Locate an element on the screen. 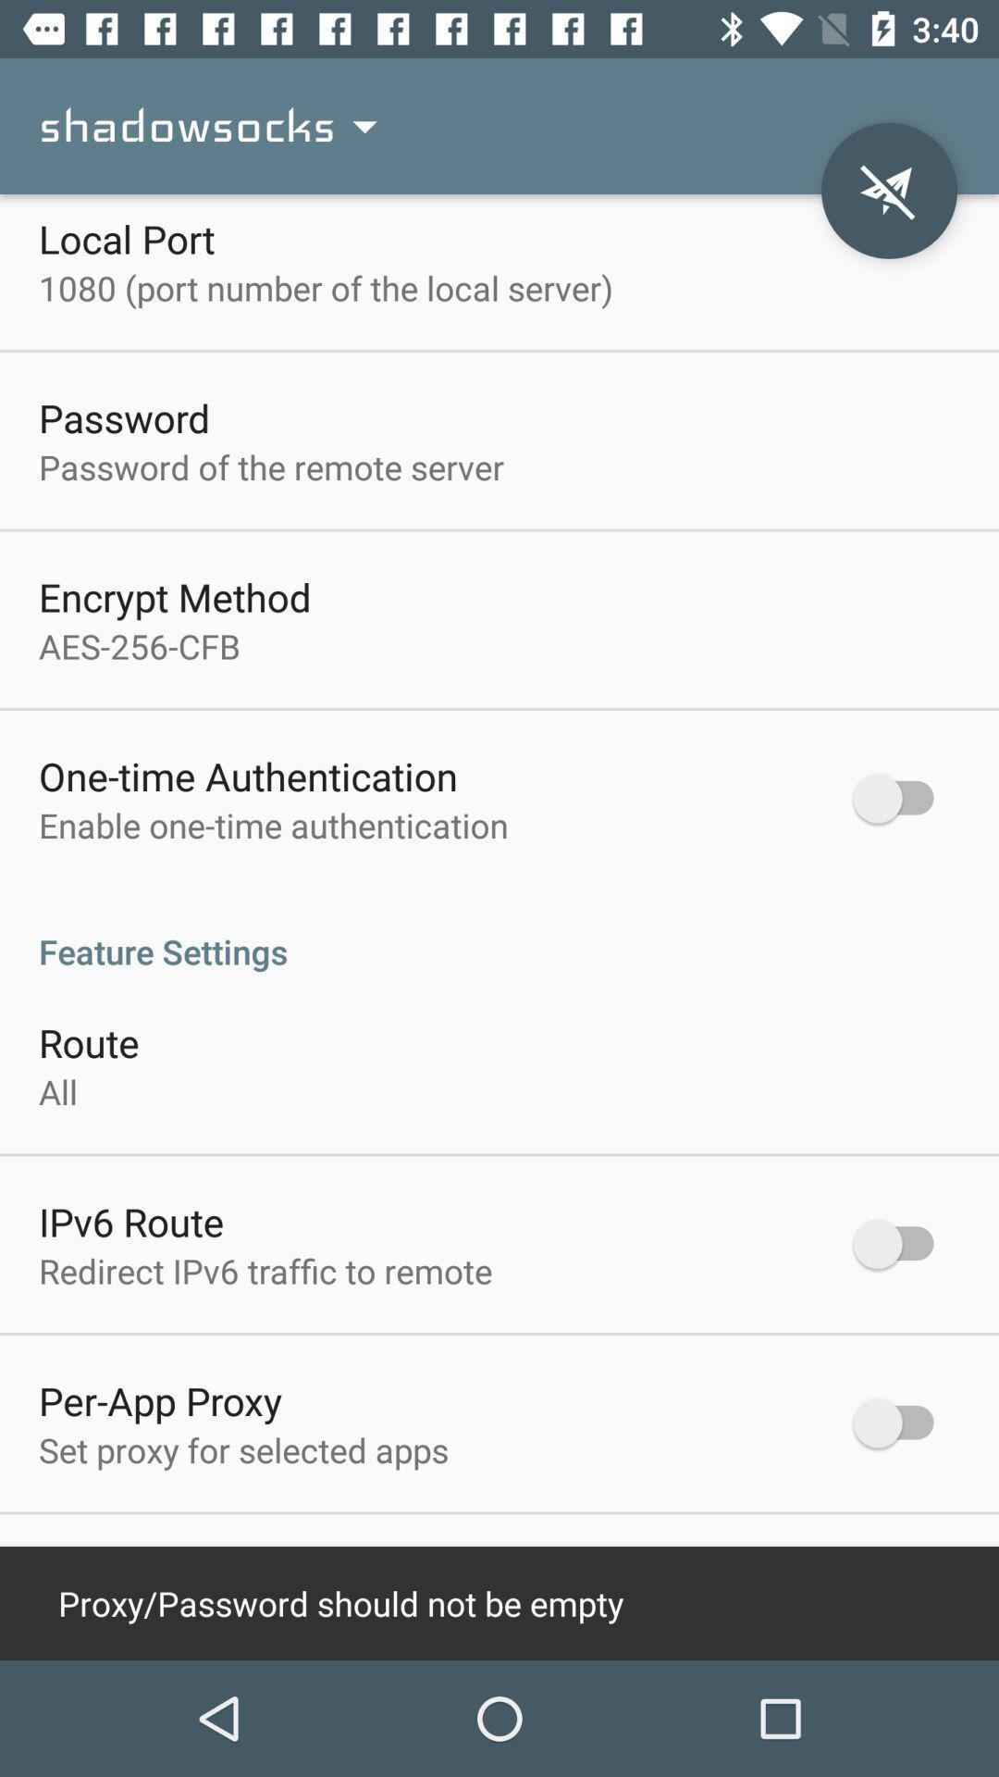  the send icon is located at coordinates (888, 191).